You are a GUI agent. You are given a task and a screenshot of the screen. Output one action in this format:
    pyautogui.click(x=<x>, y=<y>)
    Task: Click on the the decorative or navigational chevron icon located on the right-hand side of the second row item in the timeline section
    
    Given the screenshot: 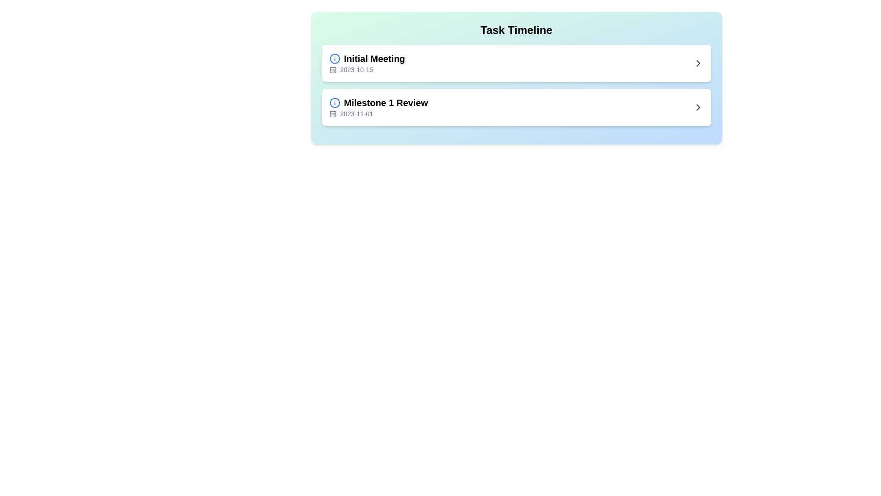 What is the action you would take?
    pyautogui.click(x=697, y=107)
    